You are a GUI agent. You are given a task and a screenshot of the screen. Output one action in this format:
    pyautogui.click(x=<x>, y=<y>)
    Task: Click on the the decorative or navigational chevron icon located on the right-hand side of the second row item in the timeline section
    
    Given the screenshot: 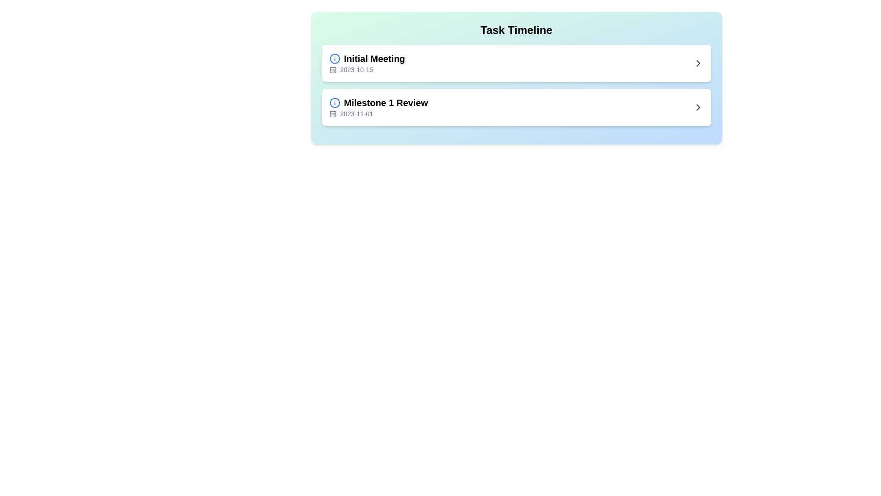 What is the action you would take?
    pyautogui.click(x=697, y=107)
    